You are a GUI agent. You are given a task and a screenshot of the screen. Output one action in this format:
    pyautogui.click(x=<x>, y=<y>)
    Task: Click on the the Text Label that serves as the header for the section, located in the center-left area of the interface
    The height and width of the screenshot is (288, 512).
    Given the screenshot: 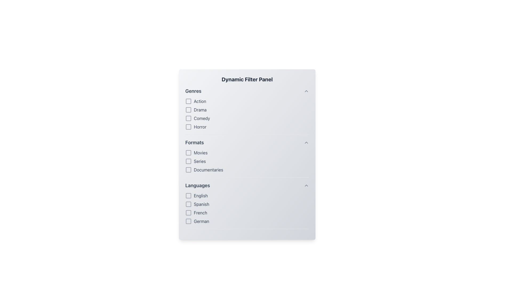 What is the action you would take?
    pyautogui.click(x=194, y=142)
    